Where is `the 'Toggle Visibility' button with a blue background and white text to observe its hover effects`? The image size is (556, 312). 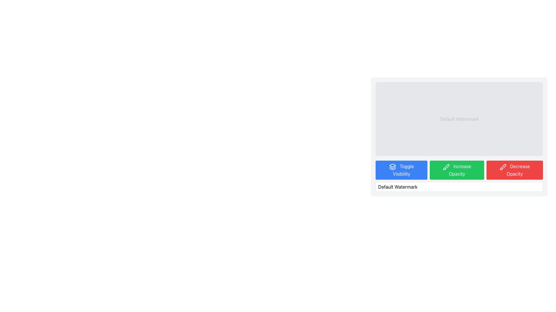 the 'Toggle Visibility' button with a blue background and white text to observe its hover effects is located at coordinates (401, 170).